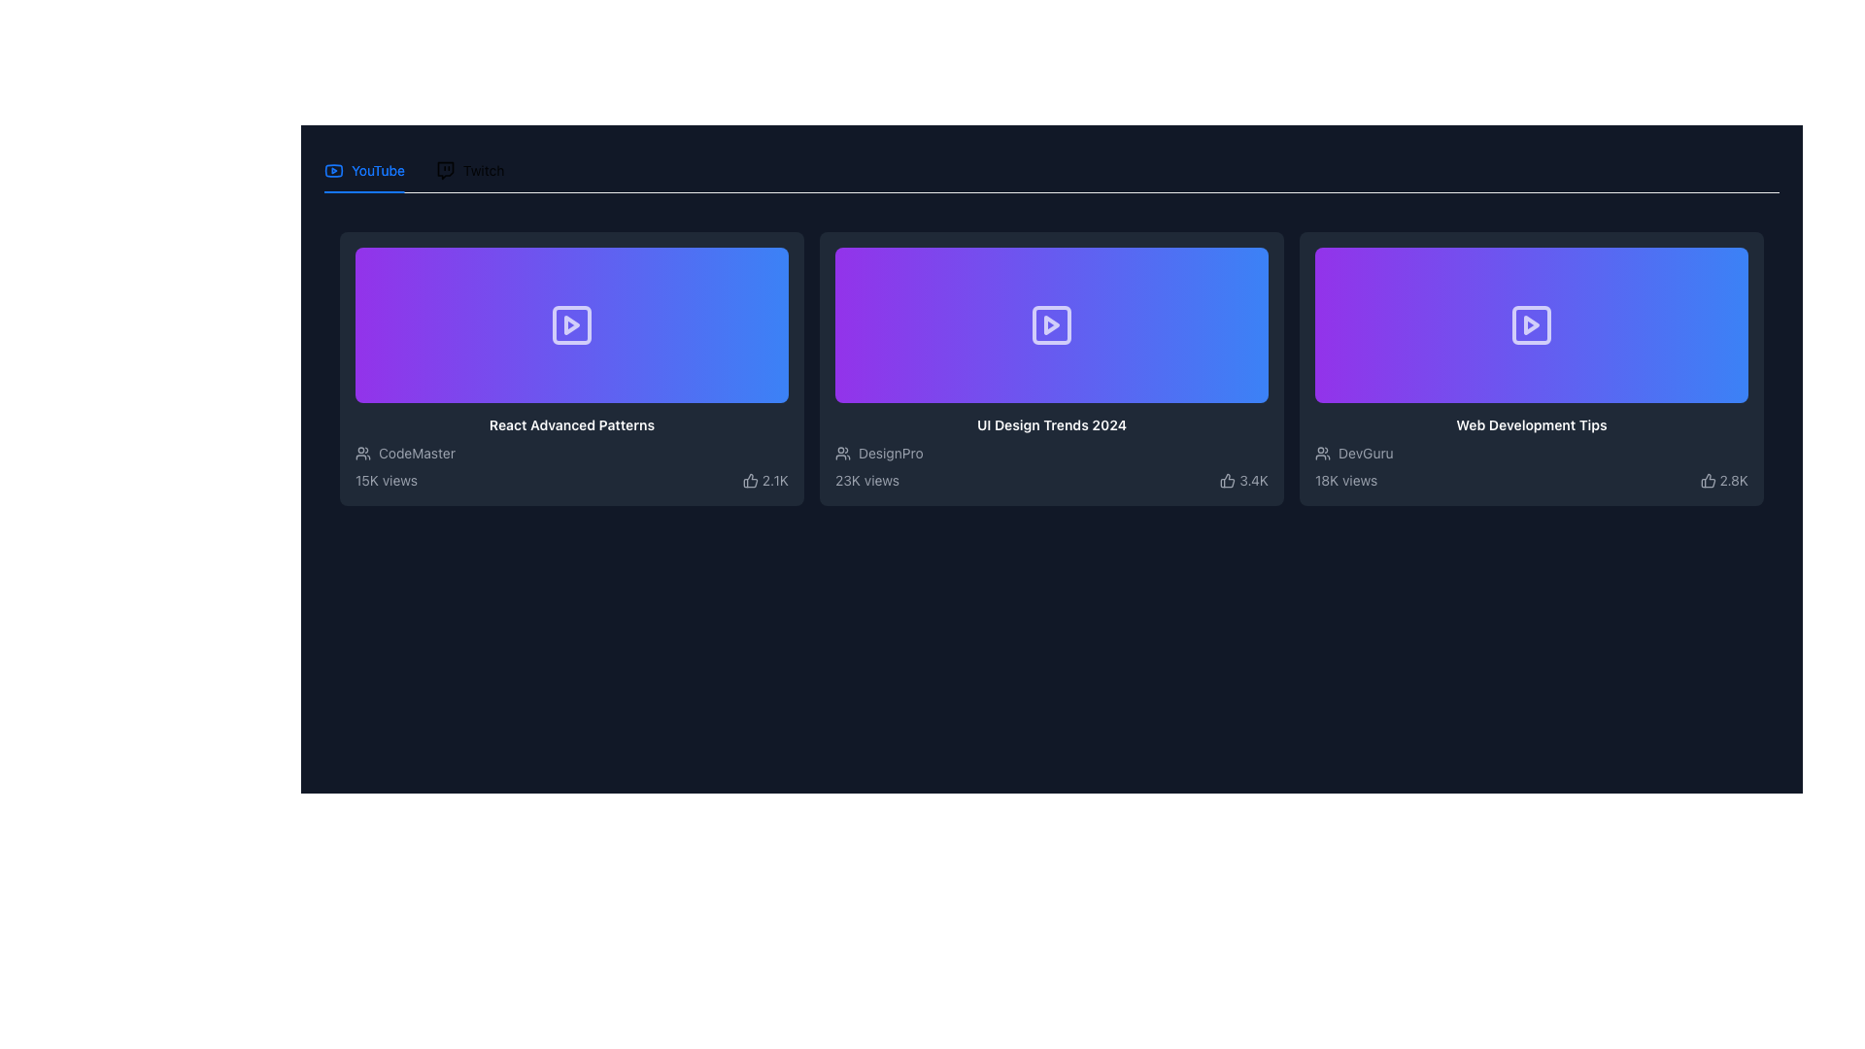 This screenshot has height=1049, width=1865. What do you see at coordinates (1531, 324) in the screenshot?
I see `the outer rectangle of the play button icon in the rightmost video card beneath the title 'Web Development Tips' to play the video` at bounding box center [1531, 324].